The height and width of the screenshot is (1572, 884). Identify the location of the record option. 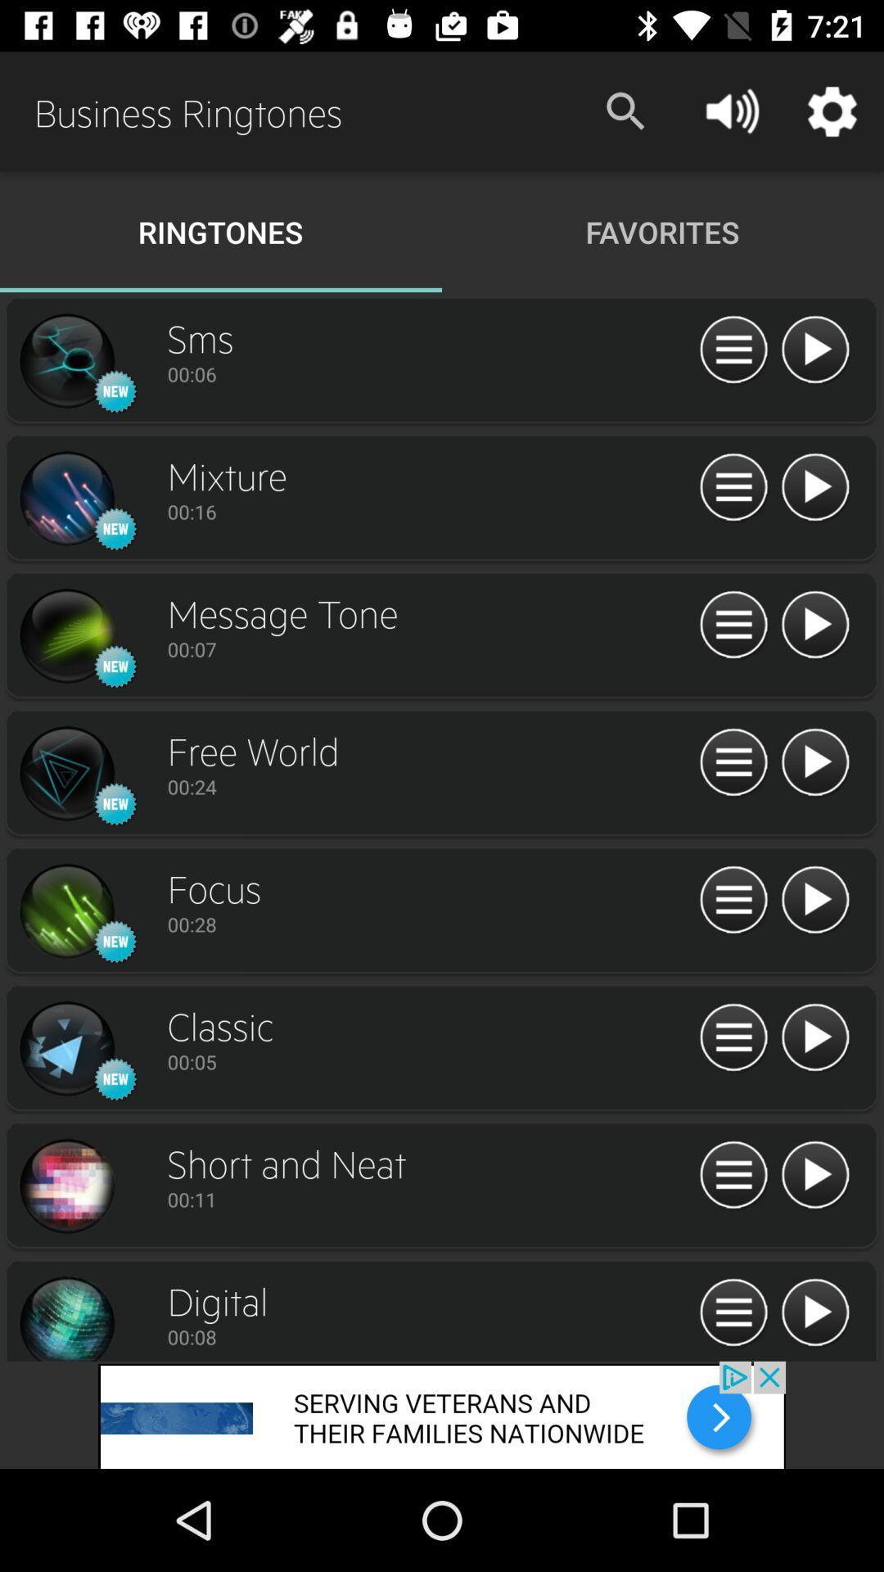
(65, 773).